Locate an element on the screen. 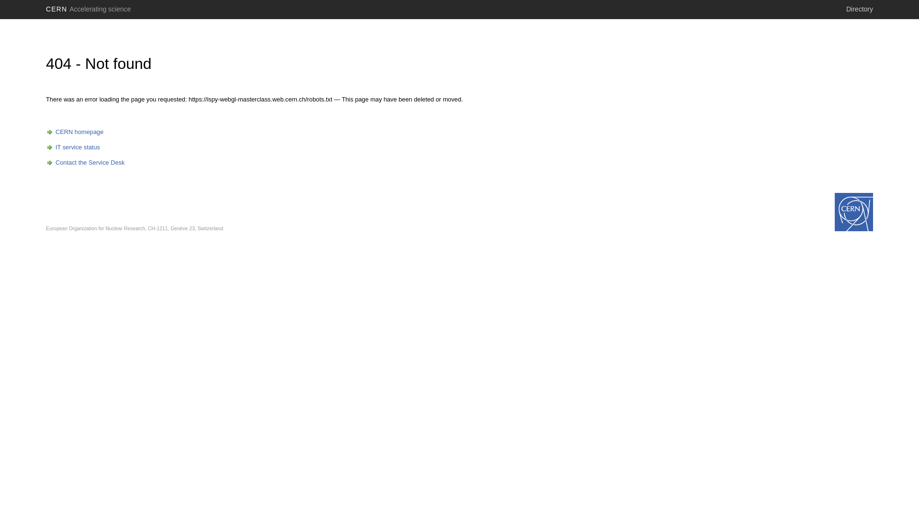 The image size is (919, 517). 'IT service status' is located at coordinates (72, 147).